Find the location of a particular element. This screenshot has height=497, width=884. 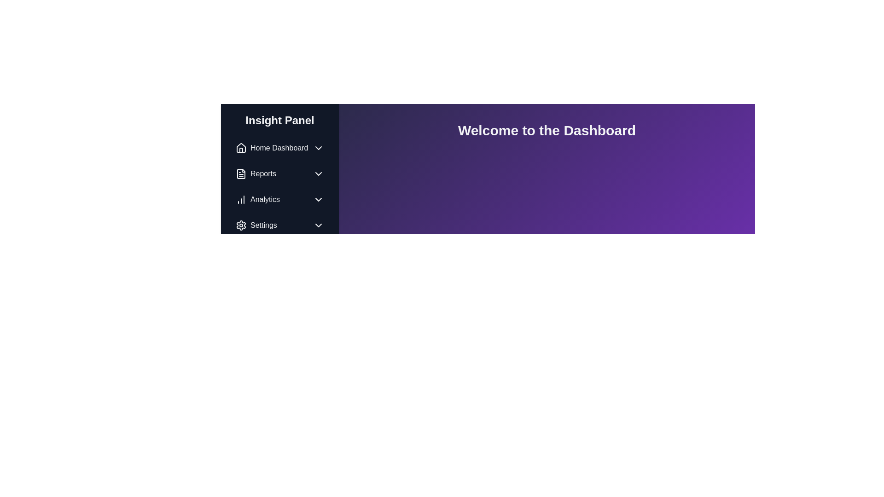

the Analytics icon located in the left sidebar menu titled 'Insight Panel', which is the third item in the list, positioned between 'Reports' and 'Settings' is located at coordinates (241, 199).